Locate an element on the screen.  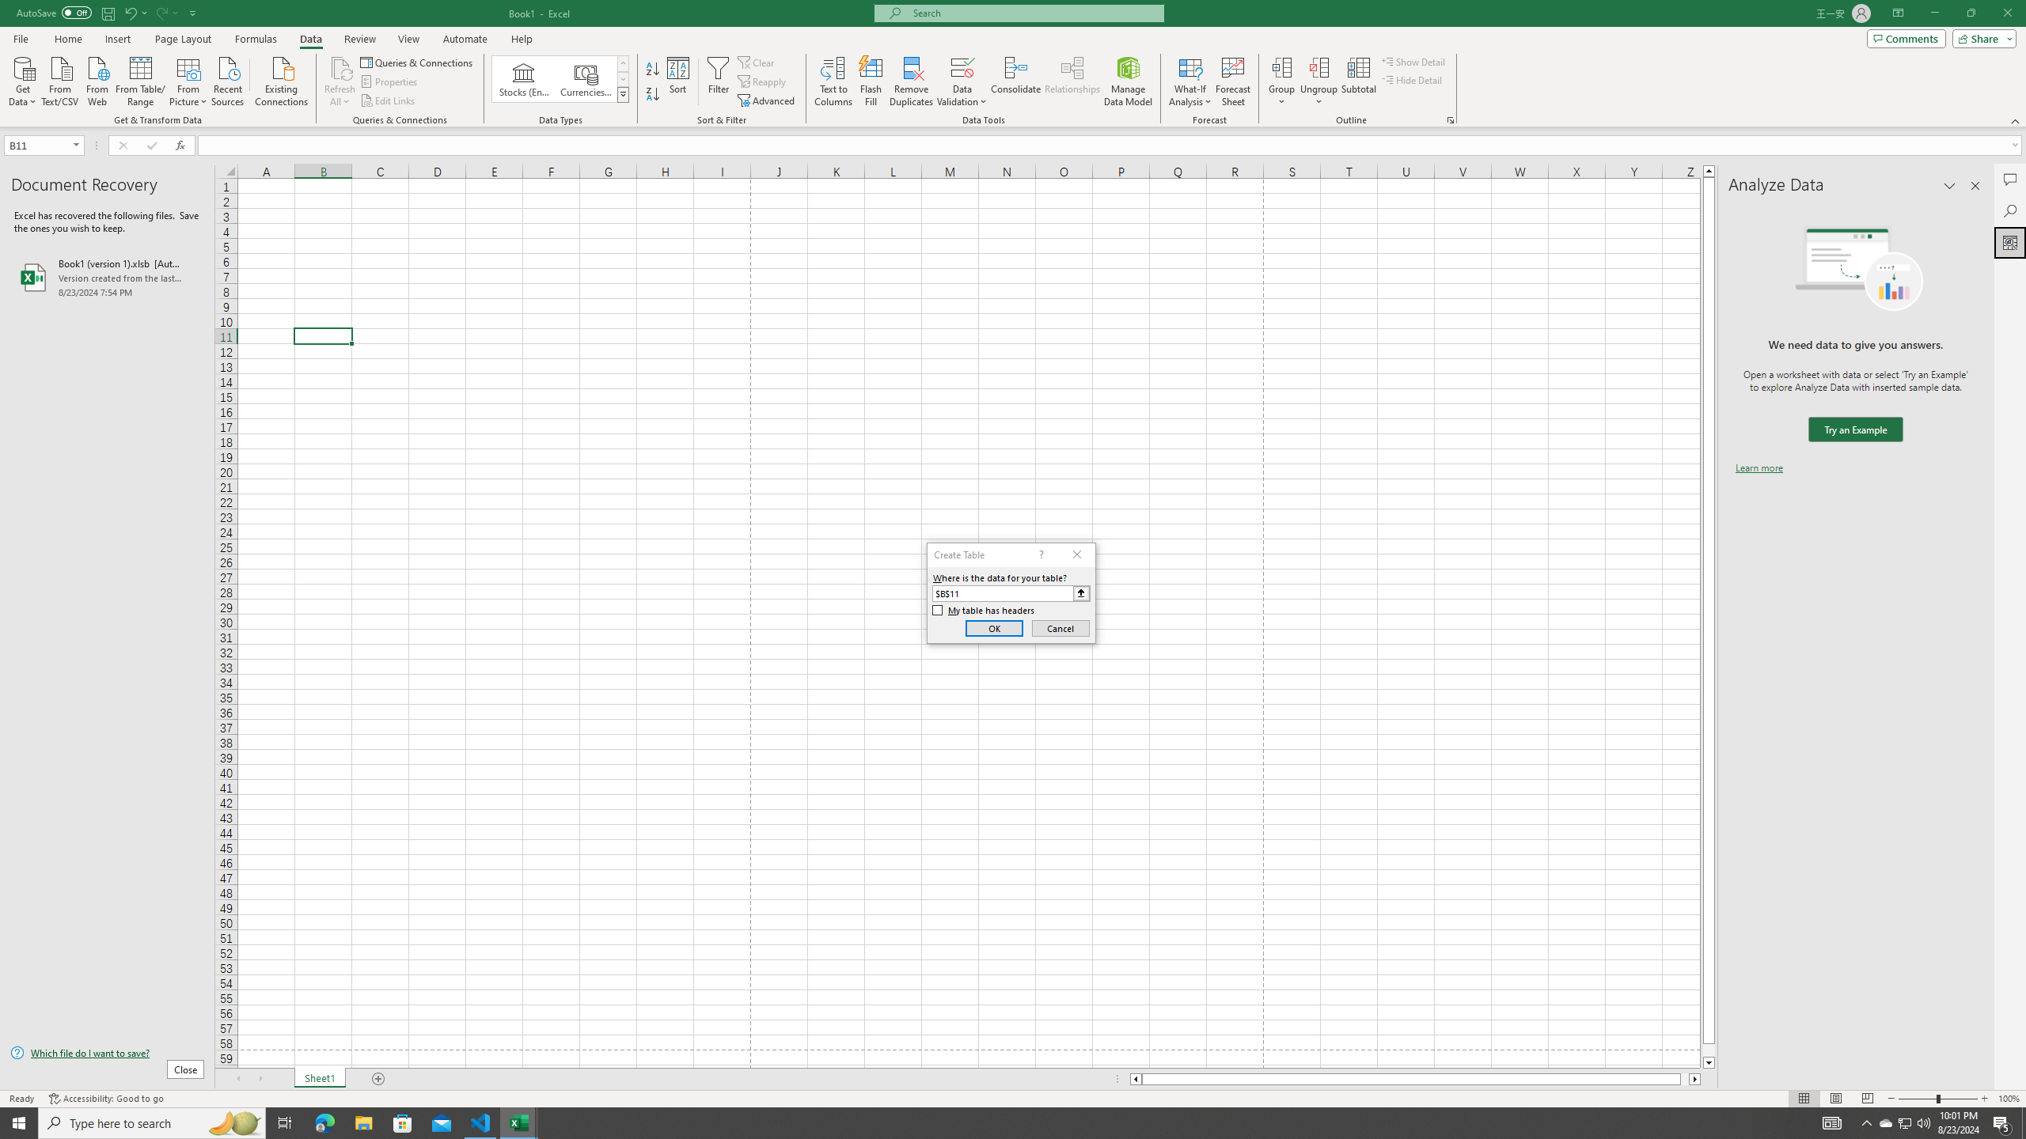
'Show Detail' is located at coordinates (1413, 61).